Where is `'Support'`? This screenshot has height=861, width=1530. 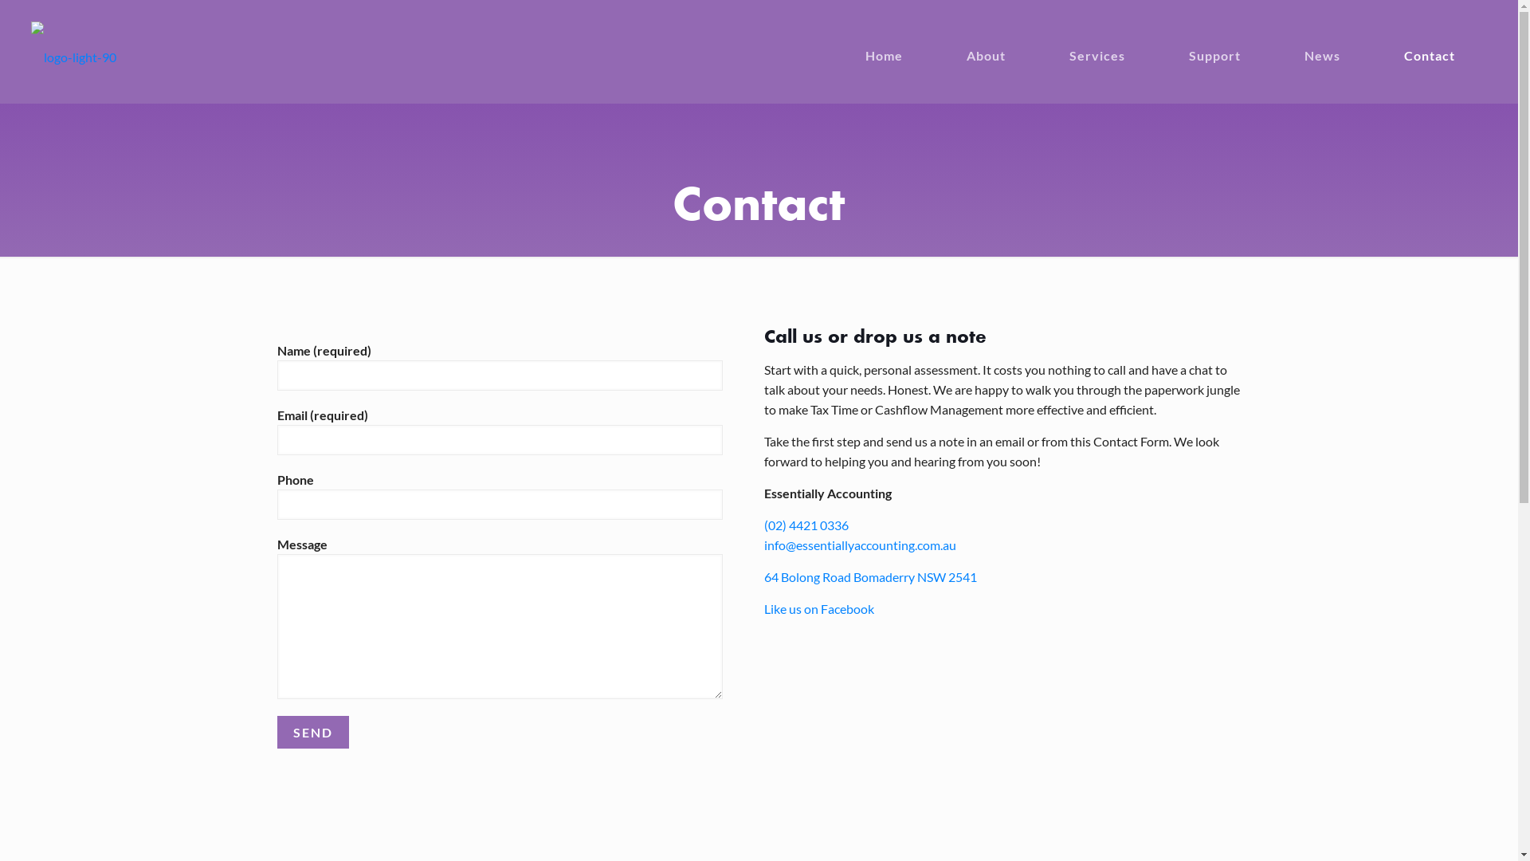
'Support' is located at coordinates (1230, 42).